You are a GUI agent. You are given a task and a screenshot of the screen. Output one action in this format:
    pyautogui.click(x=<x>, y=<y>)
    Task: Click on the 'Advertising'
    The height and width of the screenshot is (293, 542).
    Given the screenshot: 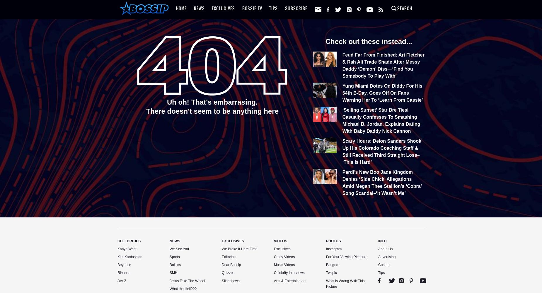 What is the action you would take?
    pyautogui.click(x=378, y=257)
    